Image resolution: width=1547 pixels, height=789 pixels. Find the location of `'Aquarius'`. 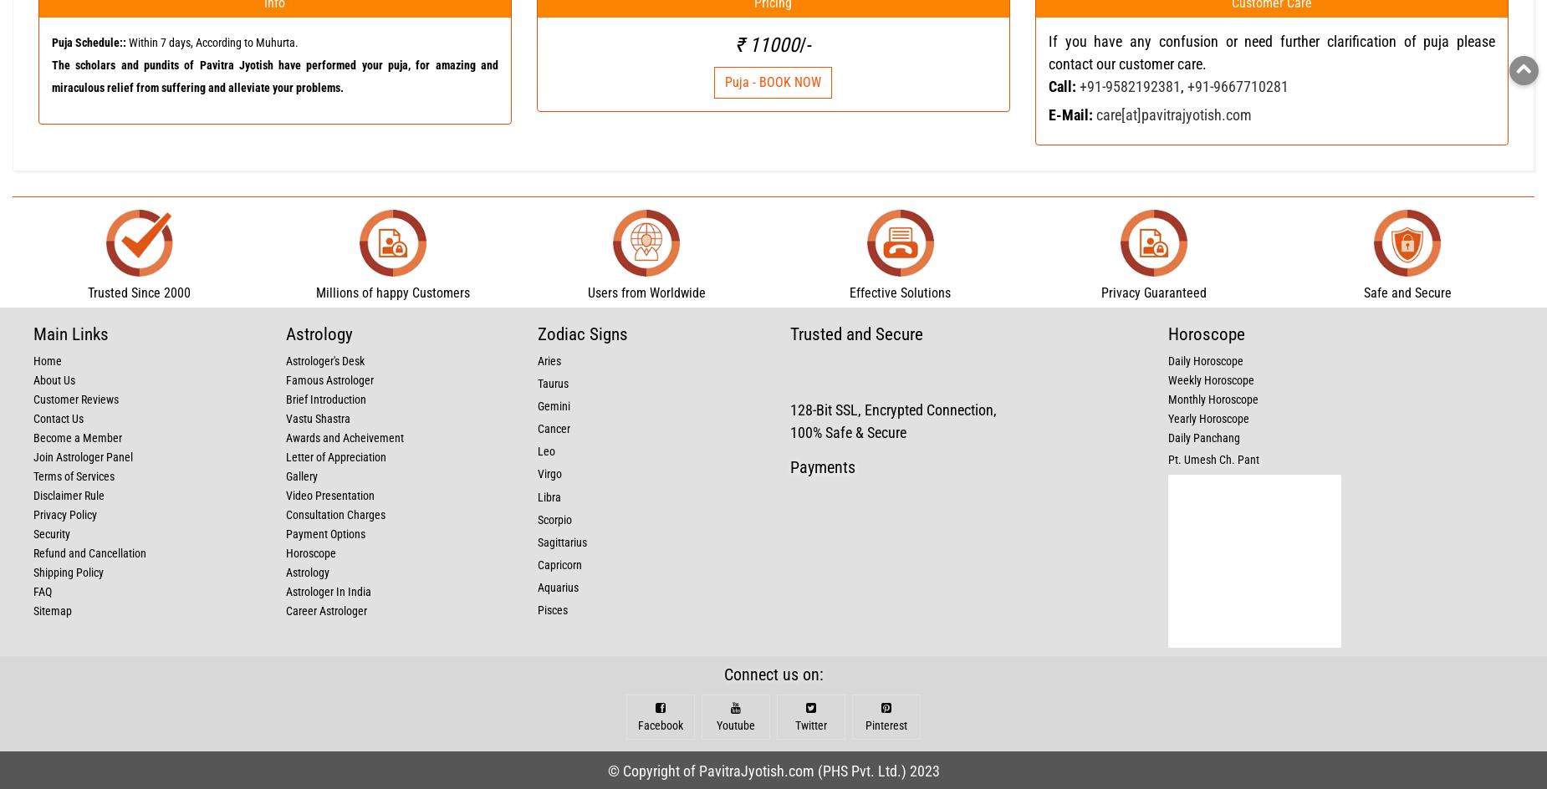

'Aquarius' is located at coordinates (558, 586).